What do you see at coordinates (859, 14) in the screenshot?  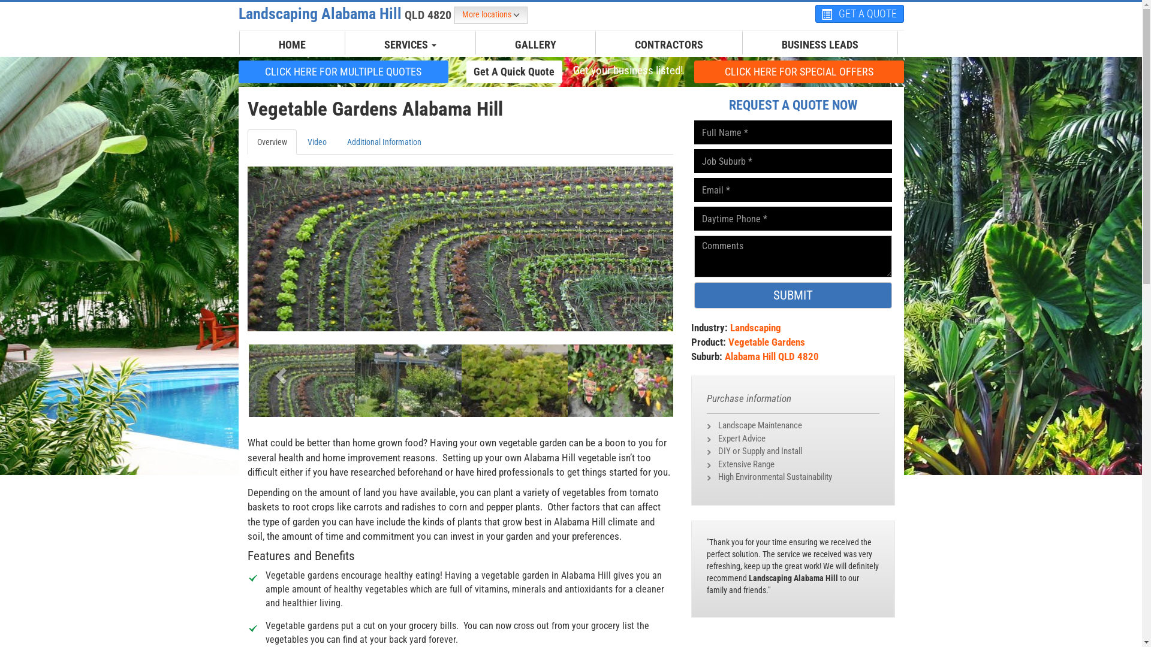 I see `'GET A QUOTE'` at bounding box center [859, 14].